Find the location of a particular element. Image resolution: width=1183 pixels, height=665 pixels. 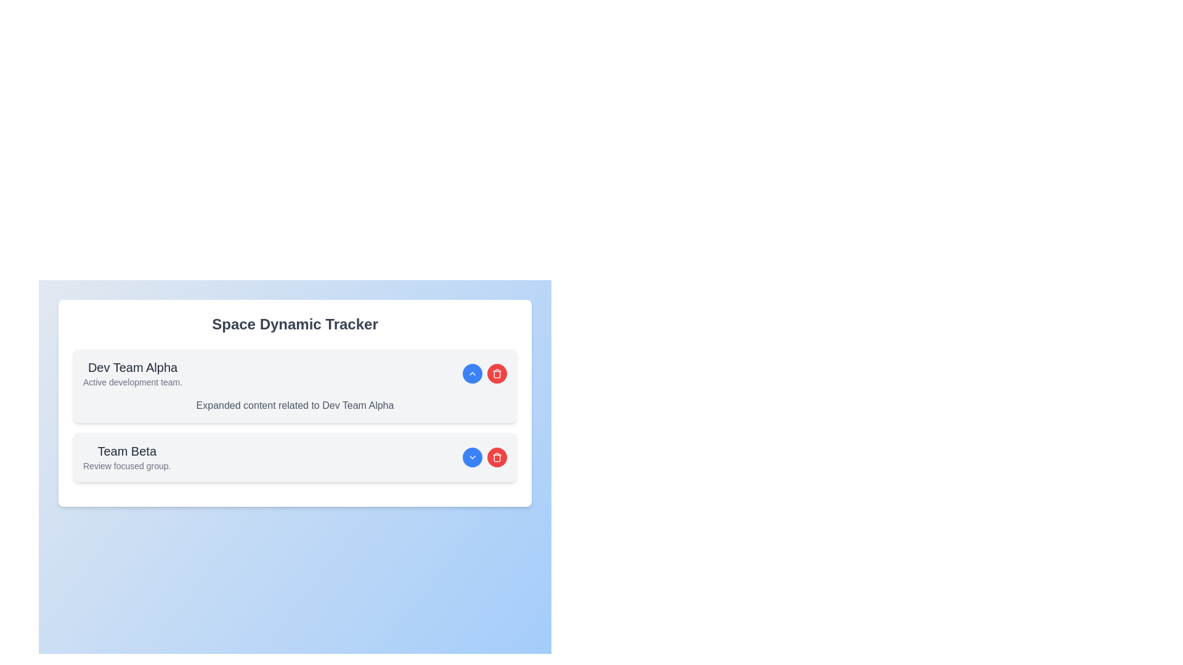

the interactive control group containing a blue button with a downward-facing chevron and a red button with a trash can icon, located at the bottom-right corner of the 'Team Beta' section in the 'Space Dynamic Tracker' interface is located at coordinates (484, 457).